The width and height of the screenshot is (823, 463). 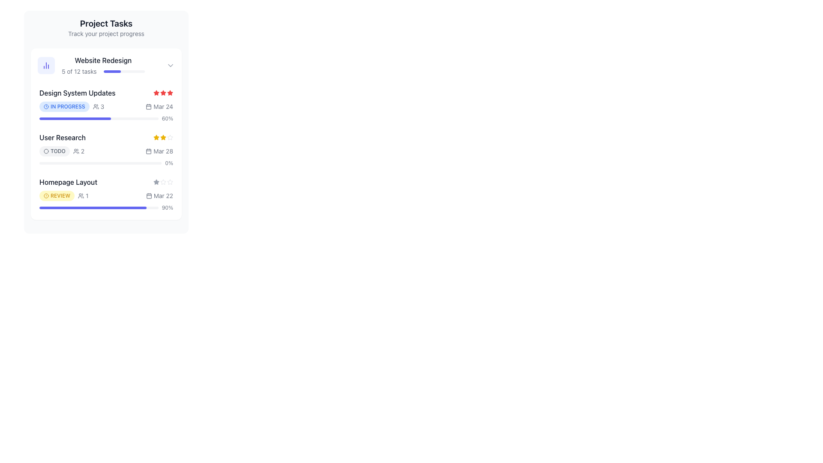 I want to click on the fifth red star icon in the horizontal row next to the 'Design System Updates' section in the task progress list, so click(x=170, y=93).